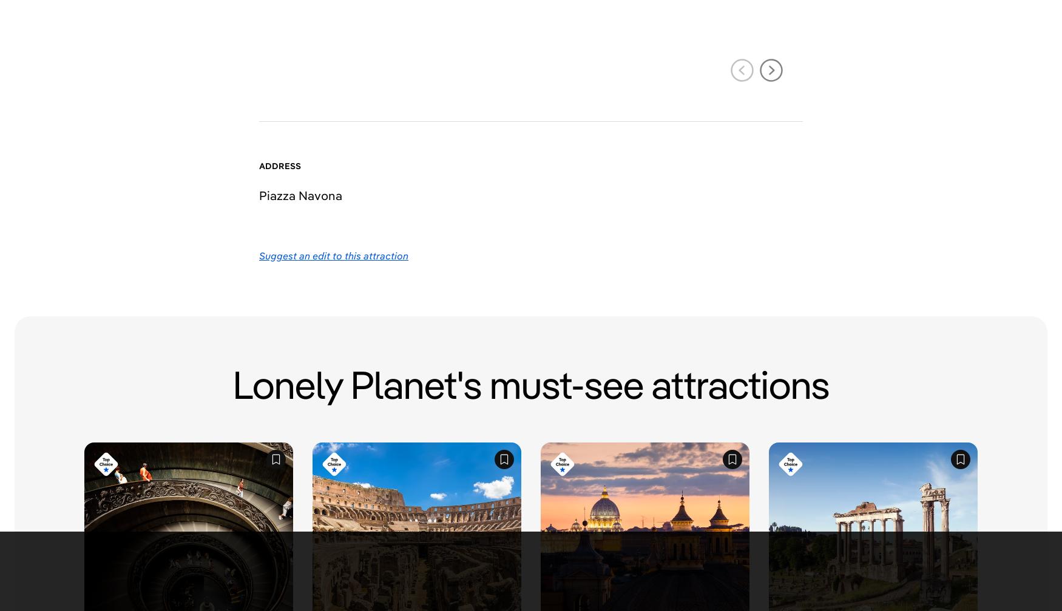 Image resolution: width=1062 pixels, height=611 pixels. I want to click on 'England', so click(457, 420).